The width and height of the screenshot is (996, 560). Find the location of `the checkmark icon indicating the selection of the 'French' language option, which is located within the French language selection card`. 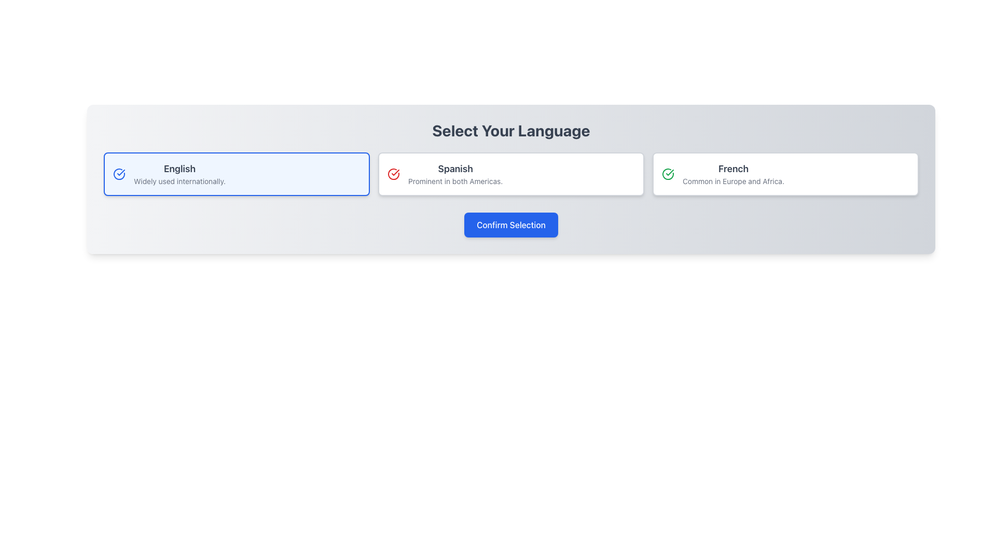

the checkmark icon indicating the selection of the 'French' language option, which is located within the French language selection card is located at coordinates (670, 172).